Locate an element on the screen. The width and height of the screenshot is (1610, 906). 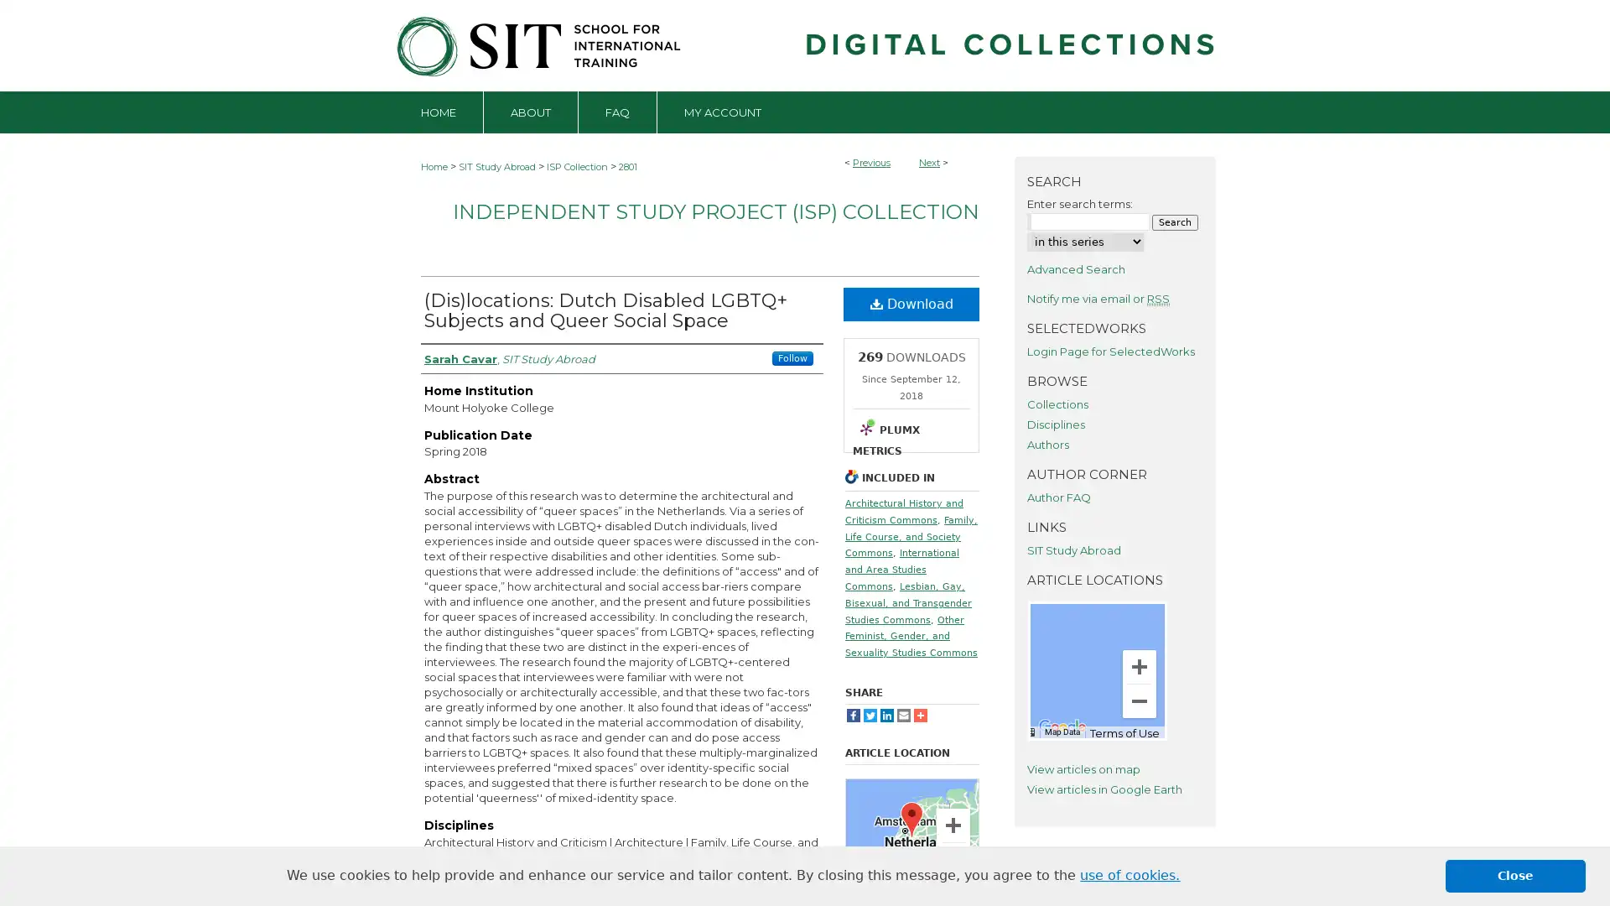
learn more about cookies is located at coordinates (1130, 875).